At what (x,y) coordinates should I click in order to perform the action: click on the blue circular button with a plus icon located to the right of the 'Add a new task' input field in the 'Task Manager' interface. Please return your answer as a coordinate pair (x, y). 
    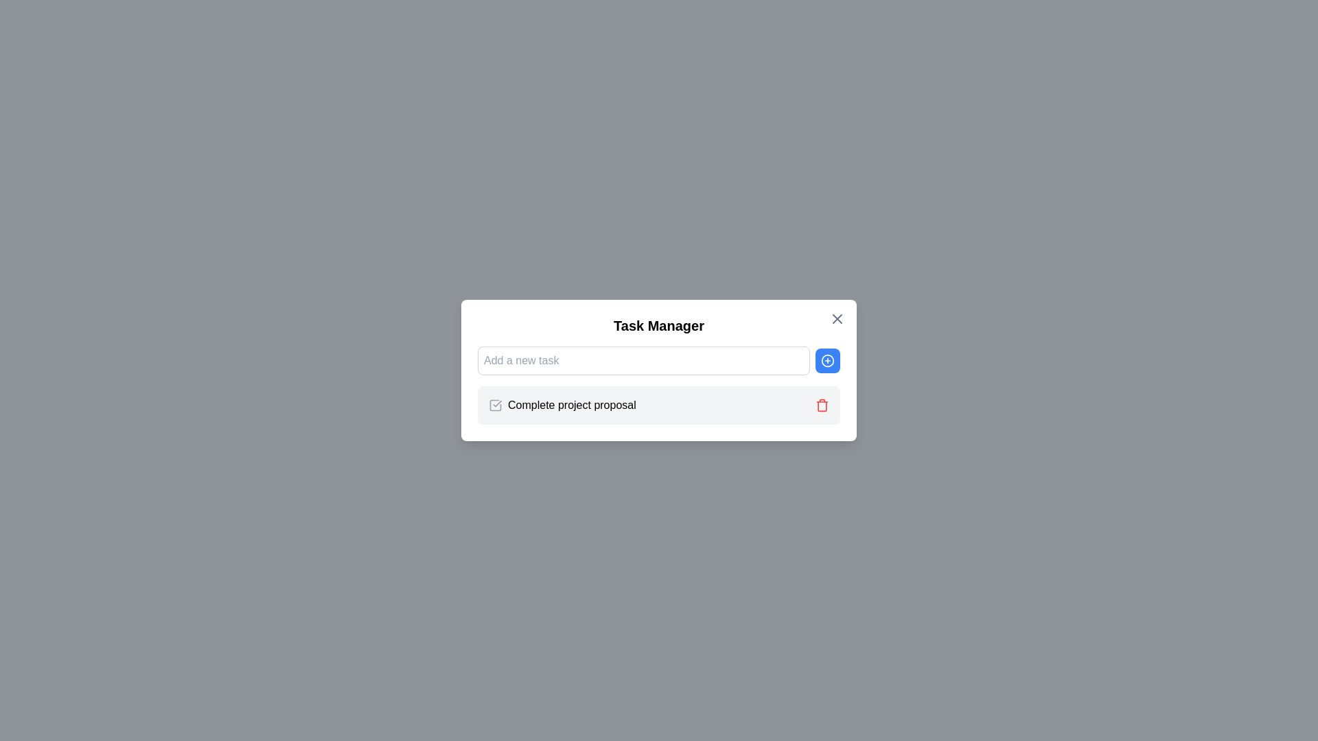
    Looking at the image, I should click on (826, 360).